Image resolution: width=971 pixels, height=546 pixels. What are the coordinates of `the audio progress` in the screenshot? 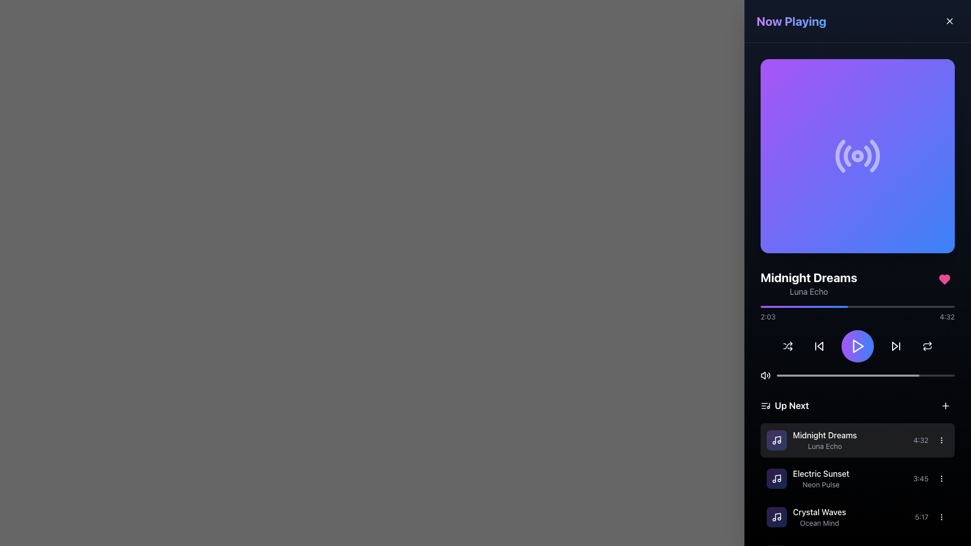 It's located at (813, 306).